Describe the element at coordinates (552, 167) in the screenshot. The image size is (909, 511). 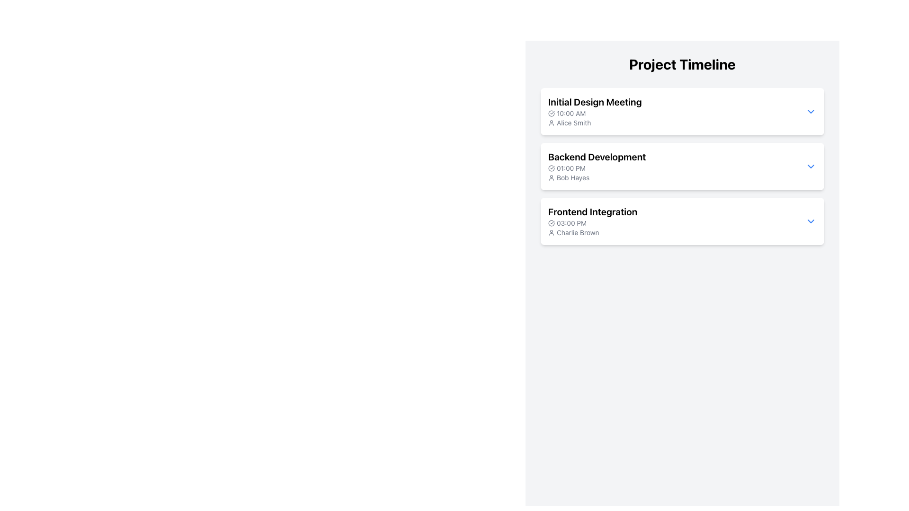
I see `the status icon indicating the completion of the 'Backend Development' item located to the left of the '01:00 PM' time label in the timeline` at that location.